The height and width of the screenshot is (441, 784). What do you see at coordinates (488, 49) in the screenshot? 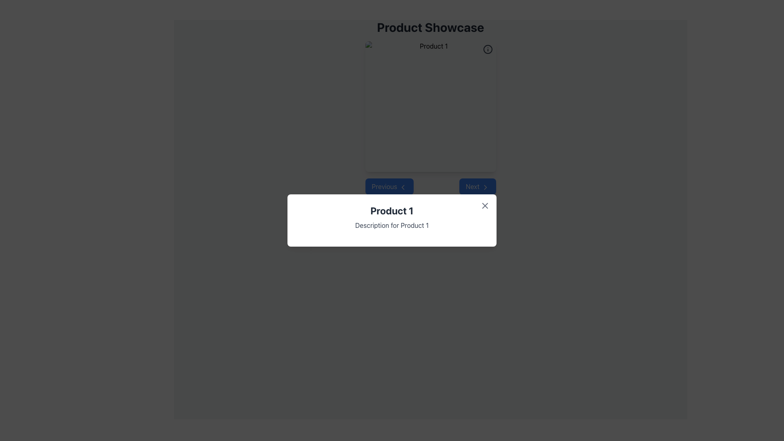
I see `the information icon resembling a circled 'i' located at the top-right corner of the product card, which overlaps slightly with the product image` at bounding box center [488, 49].